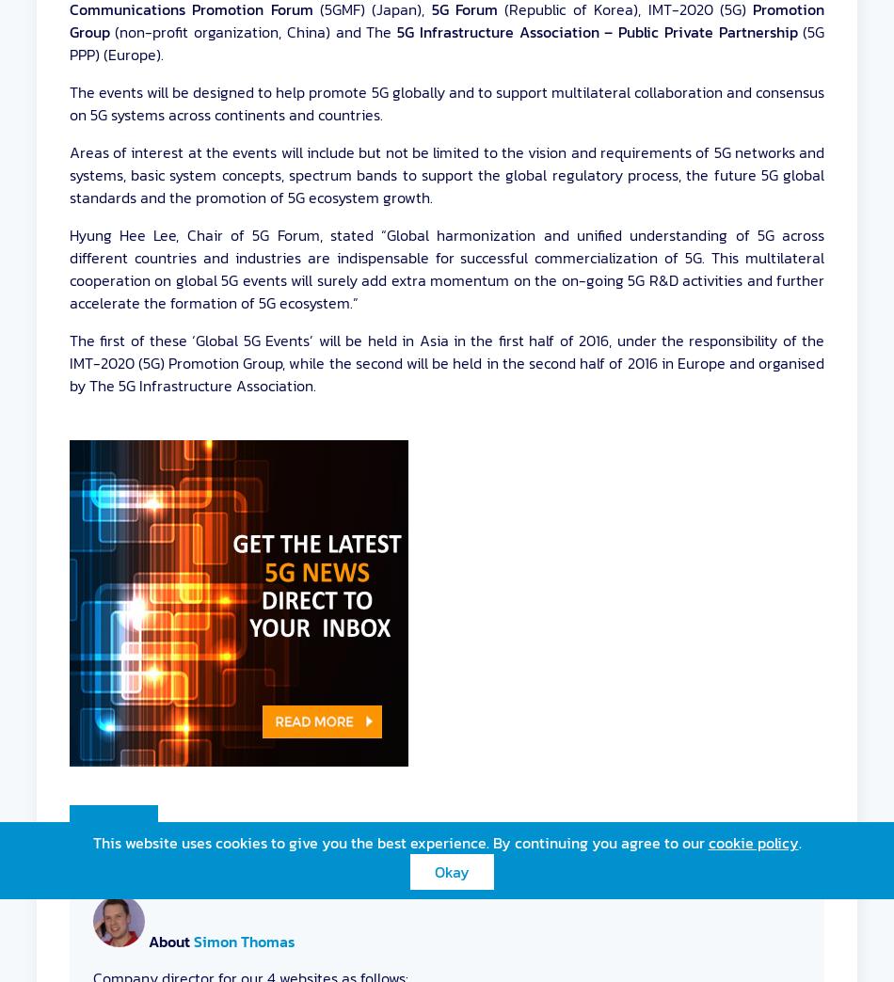 The width and height of the screenshot is (894, 982). I want to click on 'This website uses cookies to give you the best experience. By continuing you agree to our', so click(399, 842).